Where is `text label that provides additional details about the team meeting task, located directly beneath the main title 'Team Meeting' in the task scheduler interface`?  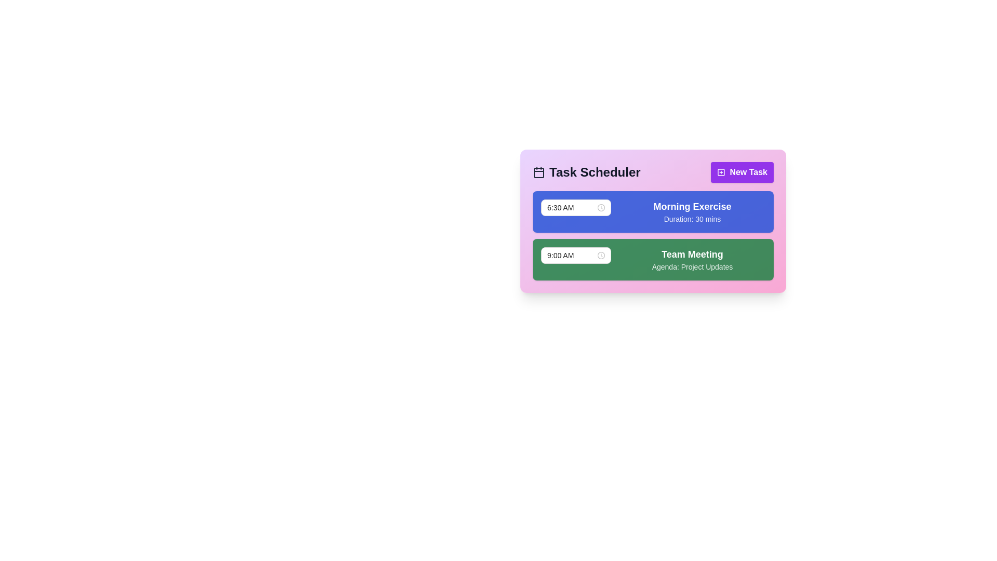 text label that provides additional details about the team meeting task, located directly beneath the main title 'Team Meeting' in the task scheduler interface is located at coordinates (692, 266).